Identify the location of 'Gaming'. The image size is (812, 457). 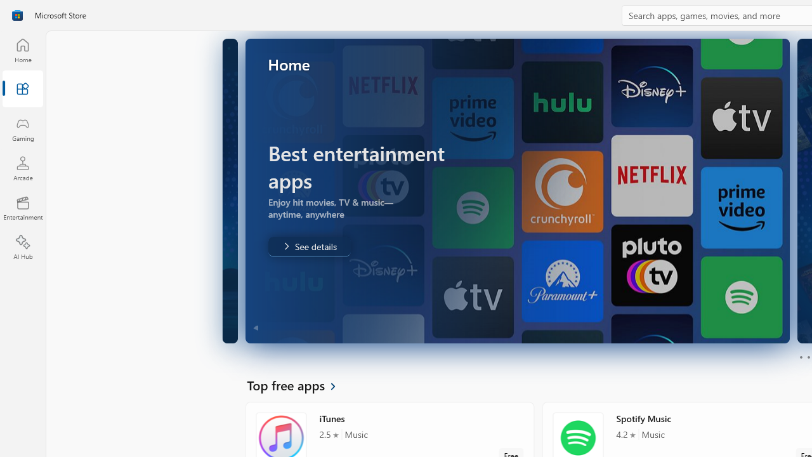
(22, 129).